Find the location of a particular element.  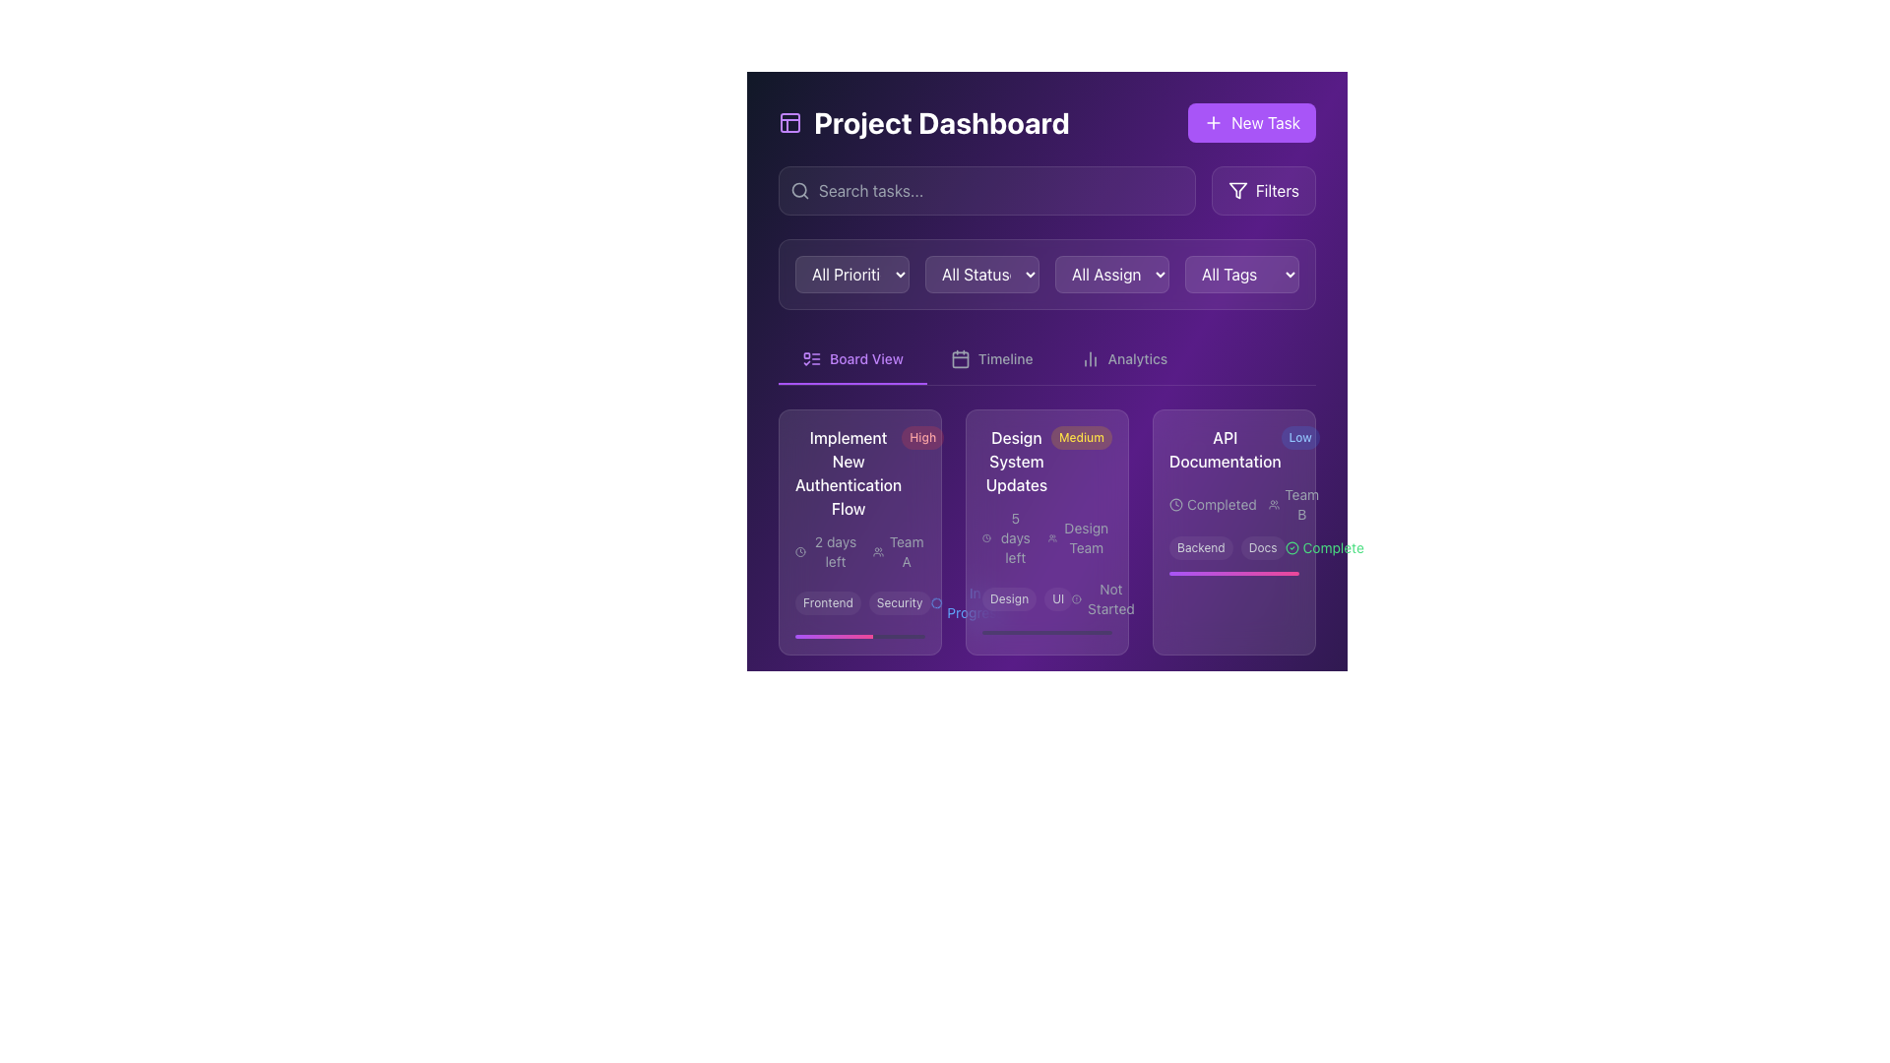

the deadline information label with an icon and text located in the bottom-left section of the 'Implement New Authentication Flow' task card, preceding the 'Team A' label is located at coordinates (828, 551).